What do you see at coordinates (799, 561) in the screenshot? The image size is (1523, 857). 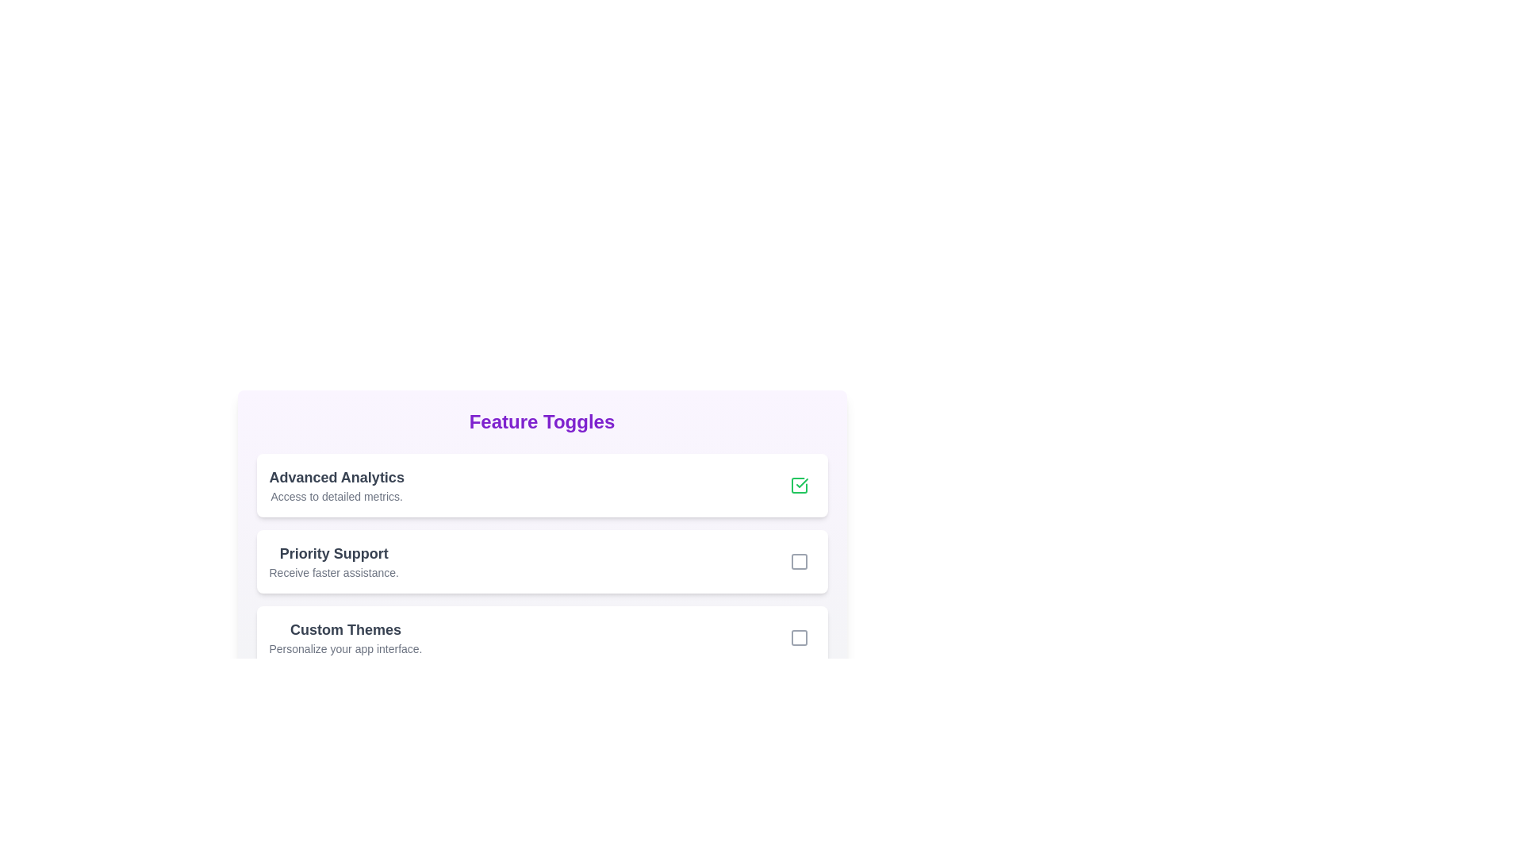 I see `the list item corresponding to the checked state of the second toggle option labeled 'Priority Support' by clicking on the inner square of the SVG-based checkbox` at bounding box center [799, 561].